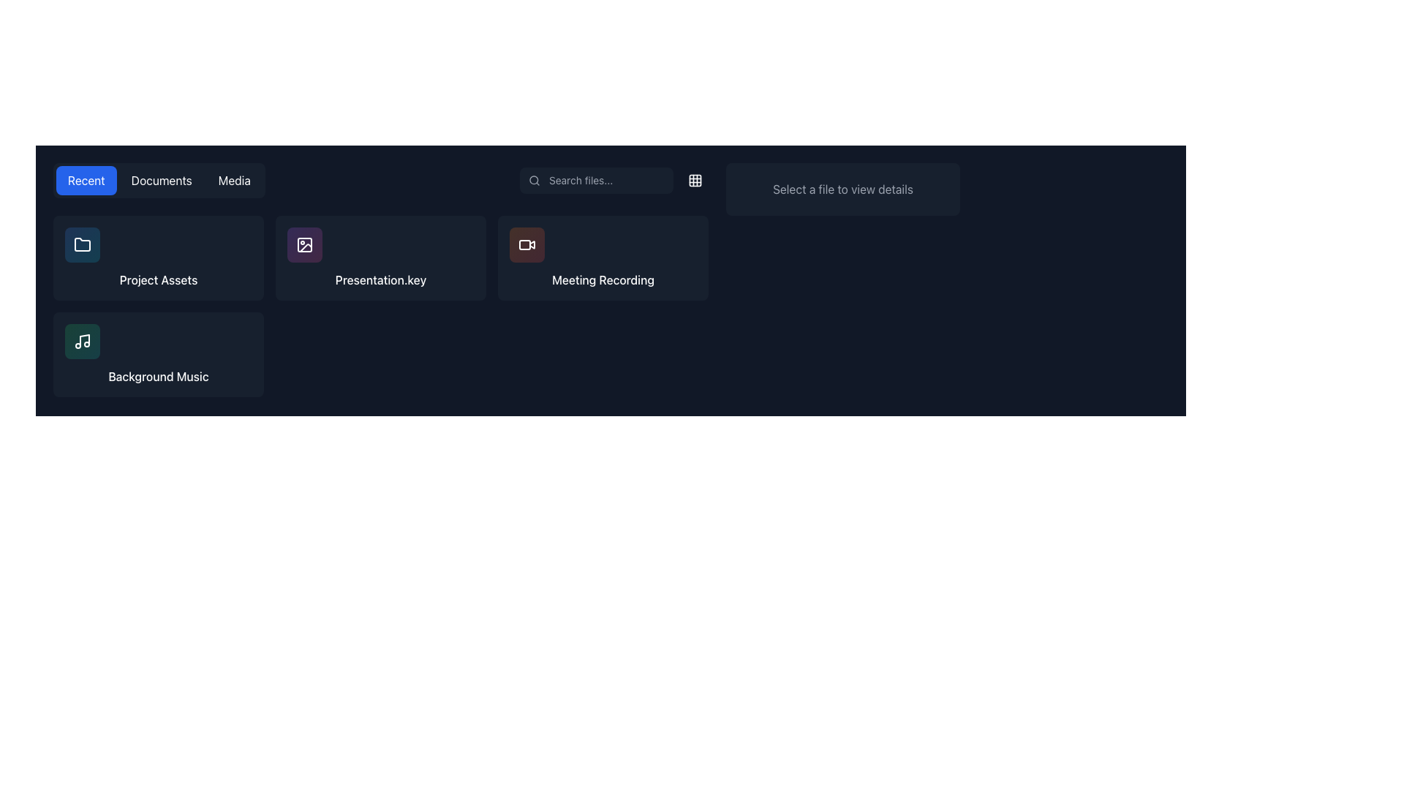 The width and height of the screenshot is (1404, 790). Describe the element at coordinates (162, 179) in the screenshot. I see `the middle navigation button, which is located between the 'Recent' and 'Media' buttons` at that location.